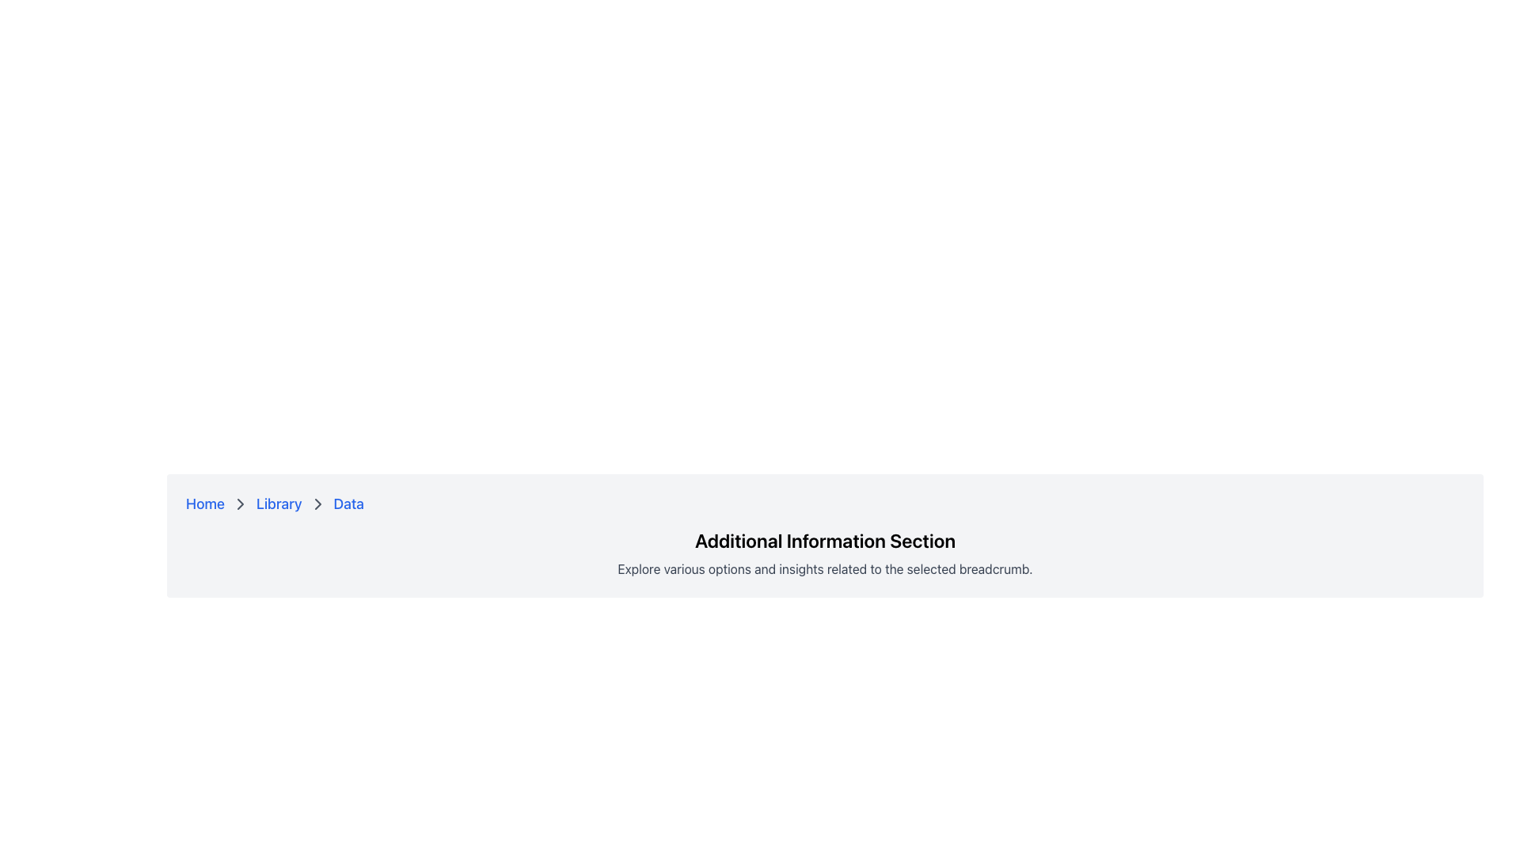 The height and width of the screenshot is (855, 1520). What do you see at coordinates (824, 552) in the screenshot?
I see `the 'Additional Information Section' text block, which contains a bold heading and a subheading, located under the breadcrumb navigation section` at bounding box center [824, 552].